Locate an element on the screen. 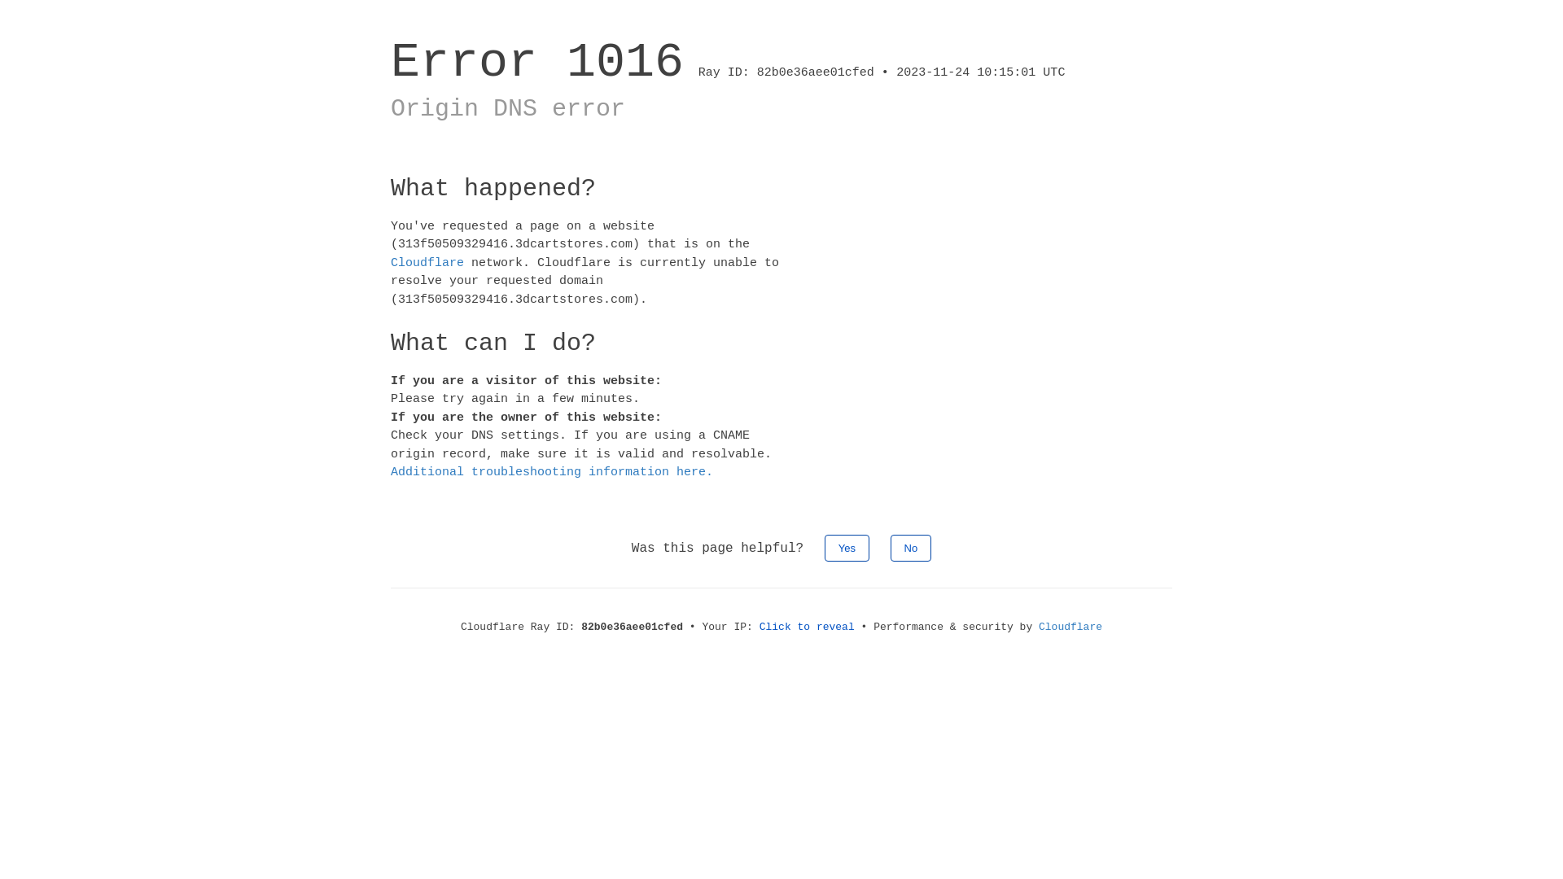 The width and height of the screenshot is (1563, 879). 'Yes' is located at coordinates (824, 547).